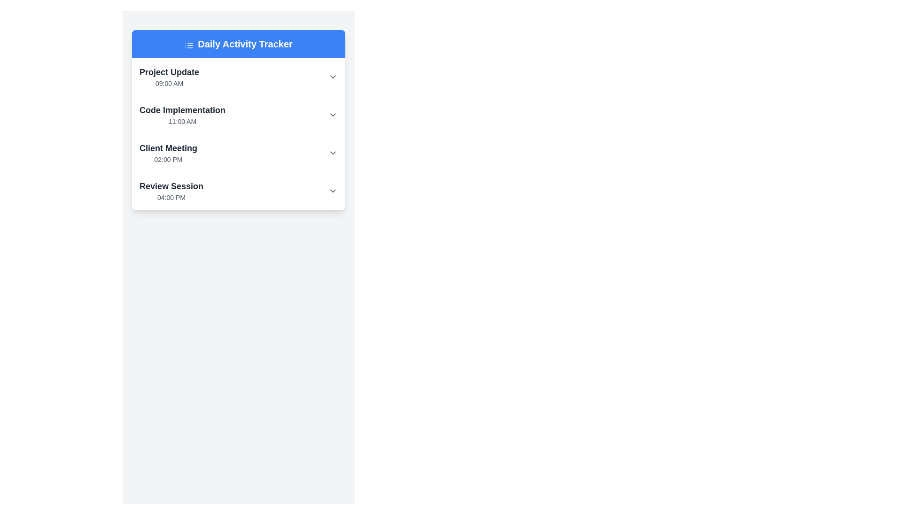  I want to click on the static text label 'Client Meeting', which serves as a header for an event scheduled at '02:00 PM', located in the third section of the vertically arranged list under 'Daily Activity Tracker', so click(168, 148).